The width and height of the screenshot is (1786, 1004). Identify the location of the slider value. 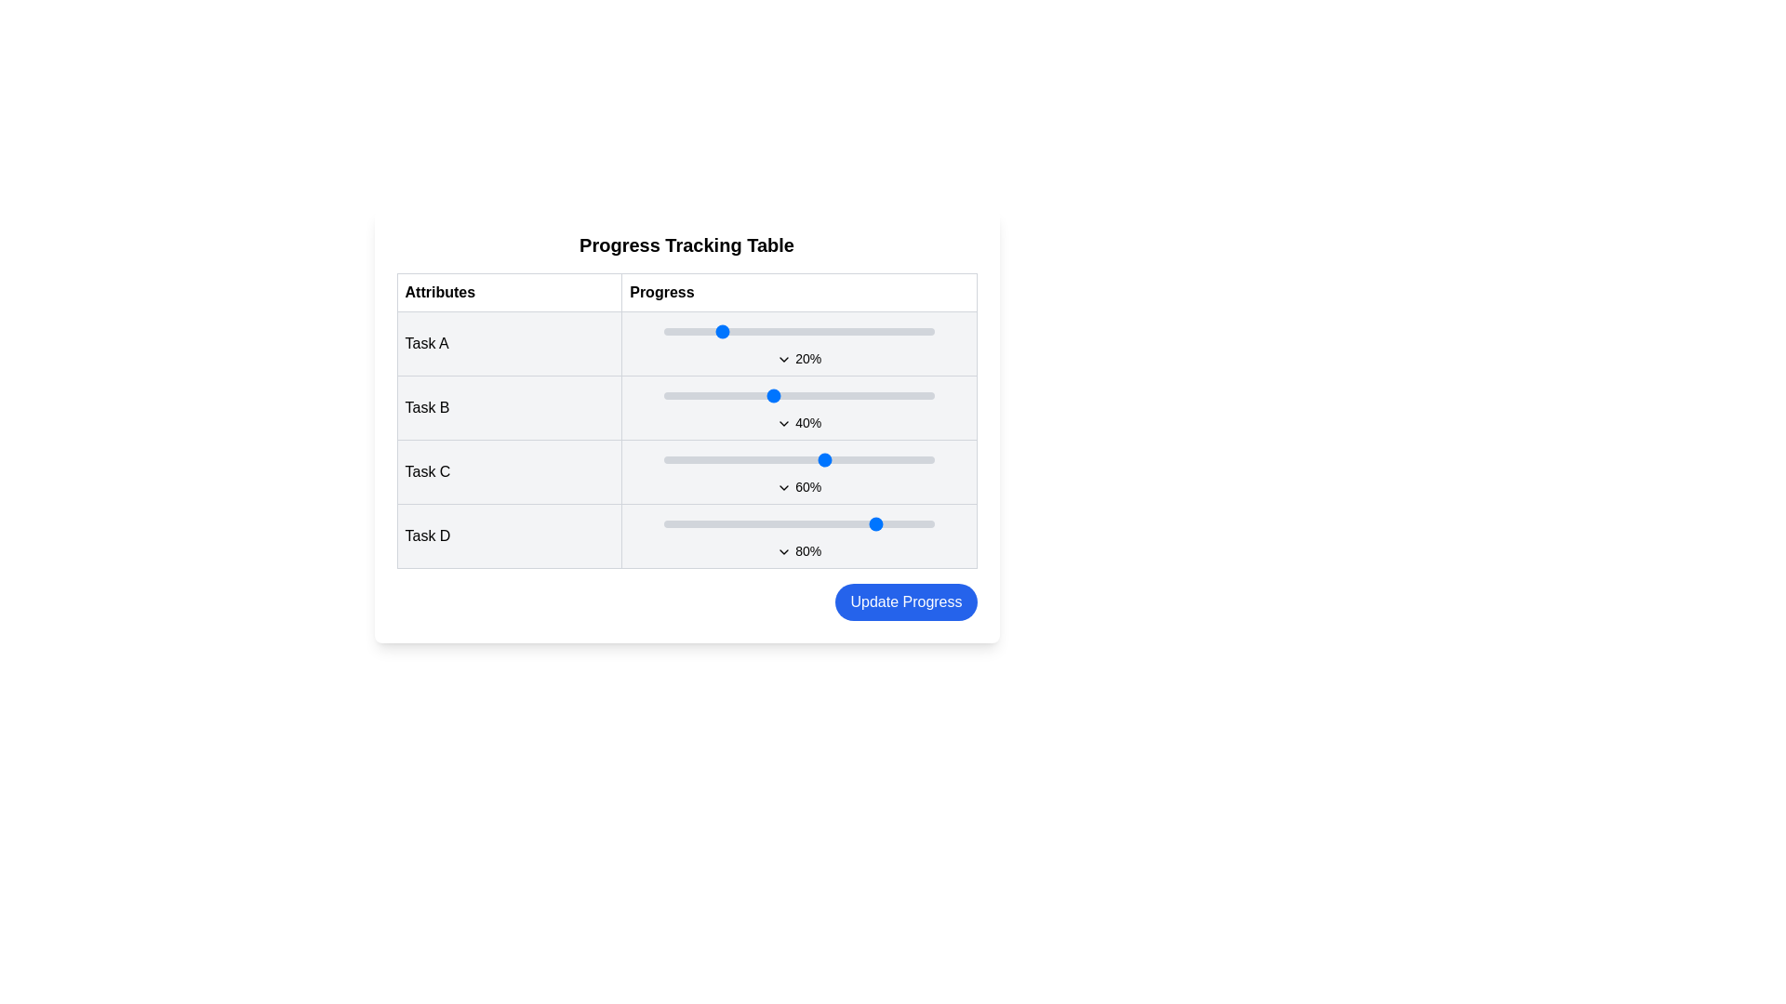
(868, 331).